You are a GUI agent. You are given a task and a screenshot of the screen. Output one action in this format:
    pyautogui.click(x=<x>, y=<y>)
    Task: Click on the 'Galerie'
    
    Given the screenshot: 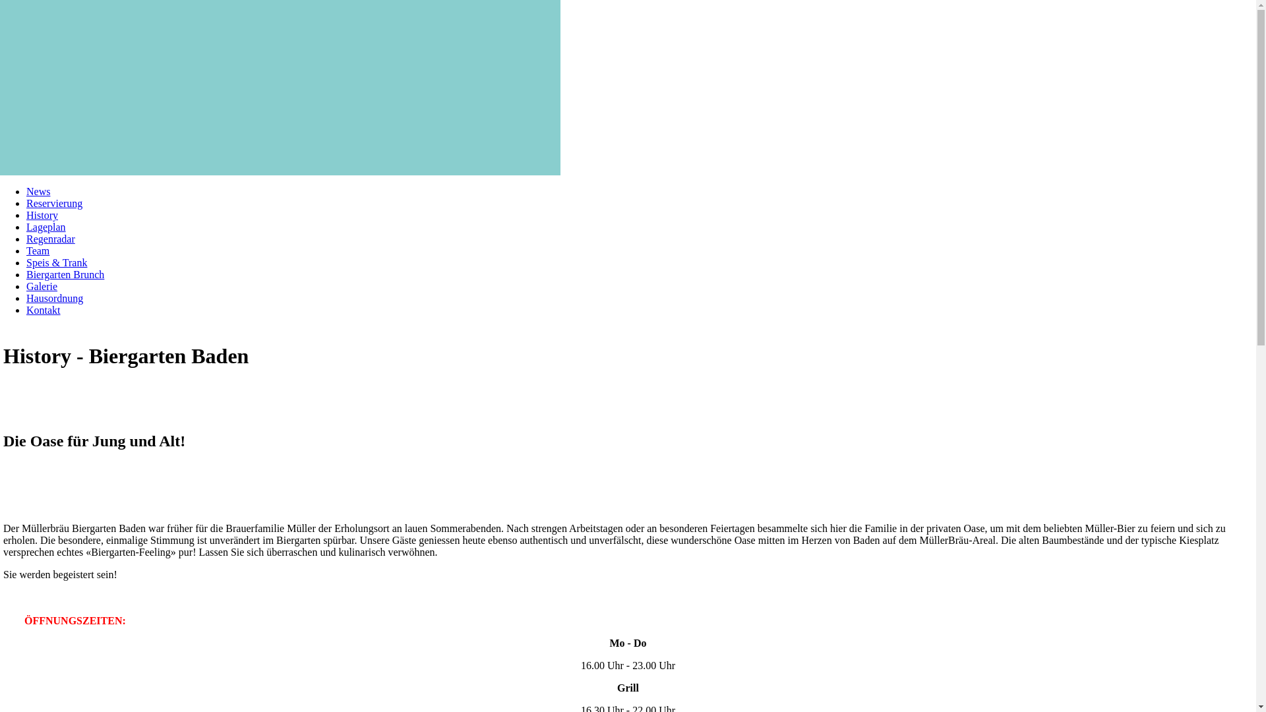 What is the action you would take?
    pyautogui.click(x=42, y=285)
    